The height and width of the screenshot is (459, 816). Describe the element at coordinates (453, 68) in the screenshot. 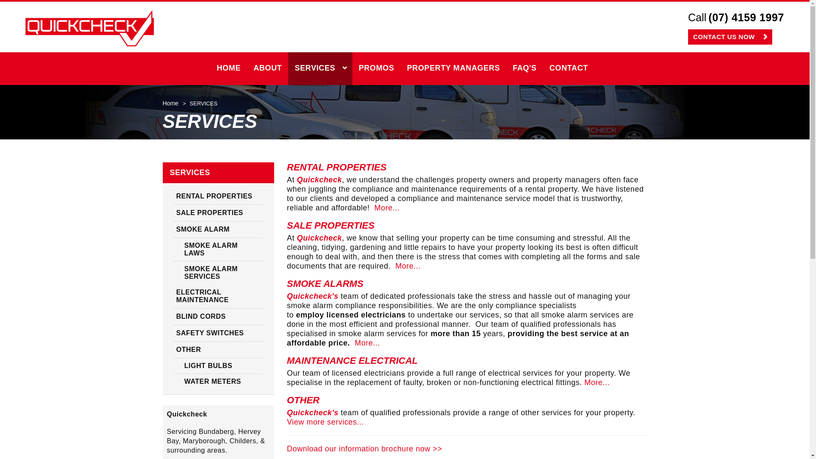

I see `'PROPERTY MANAGERS'` at that location.